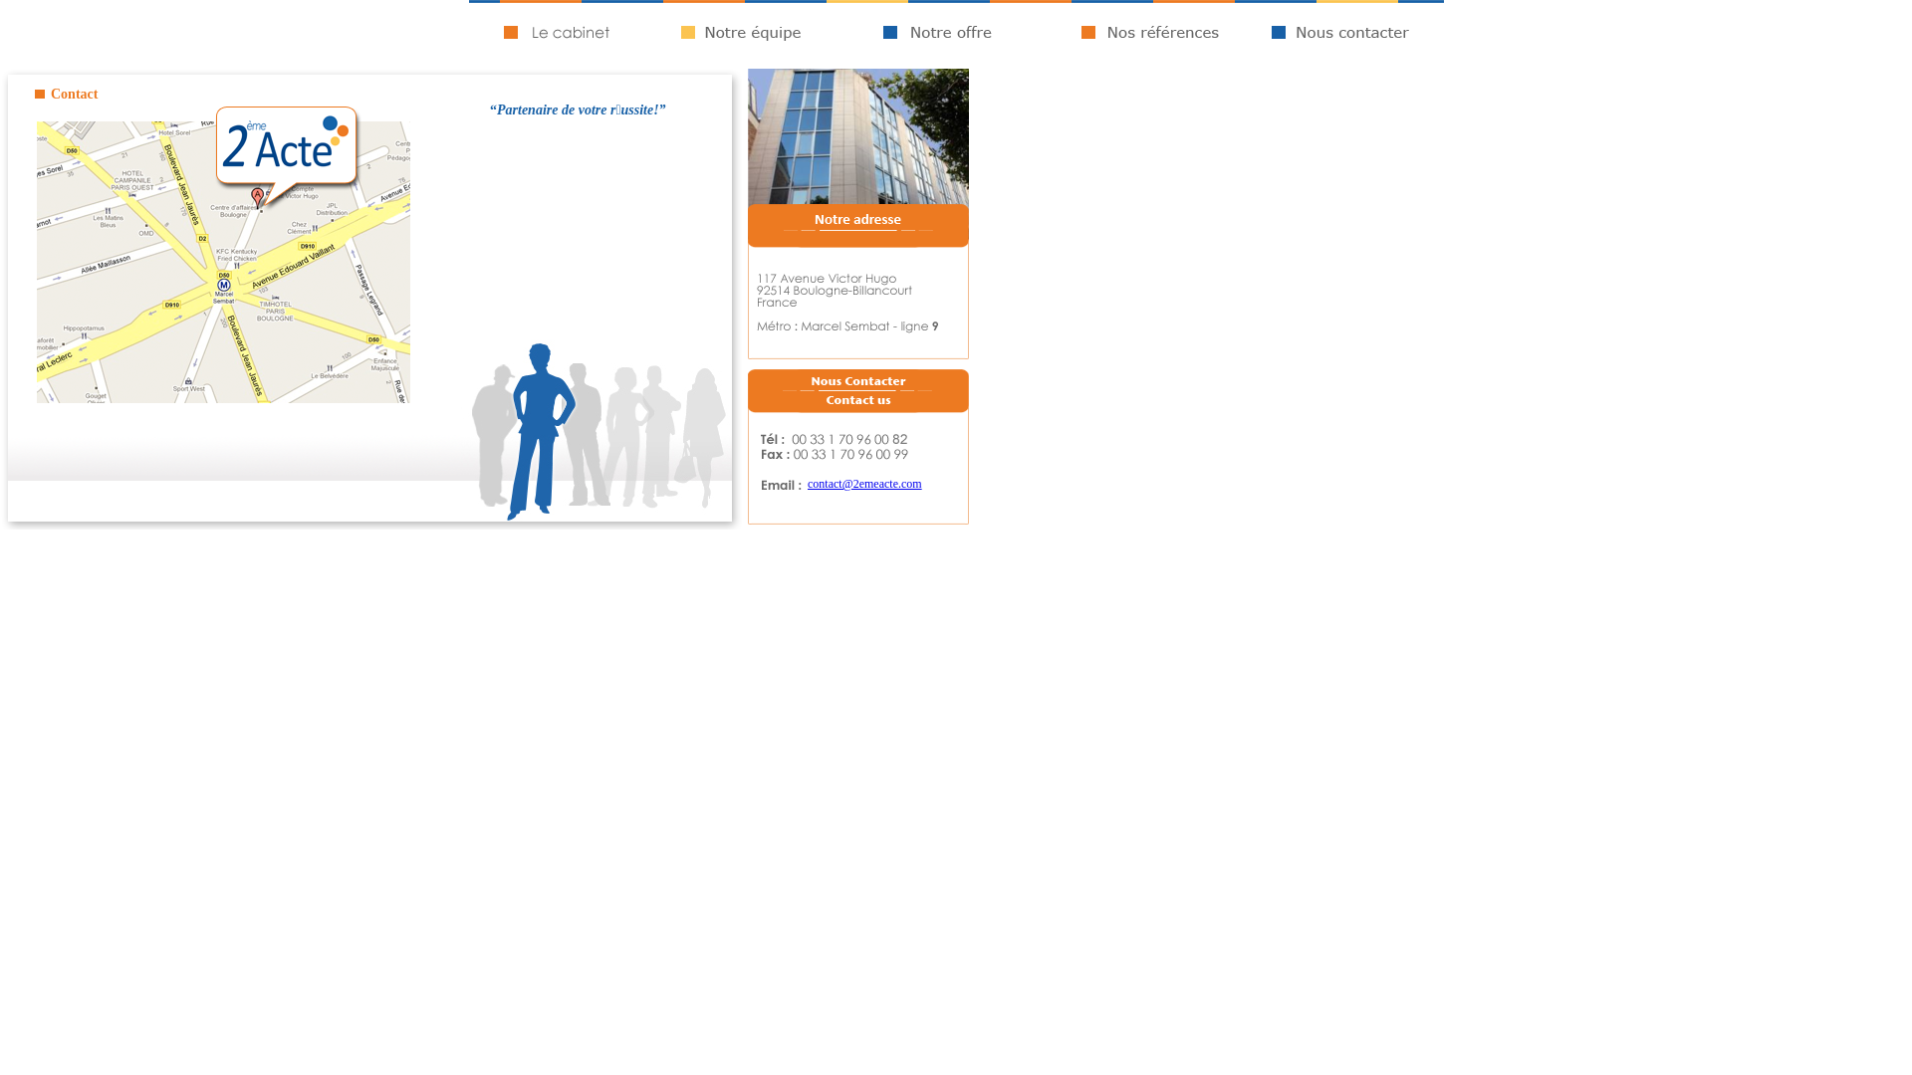 The image size is (1912, 1075). I want to click on 'contact@2emeacte.com', so click(864, 484).